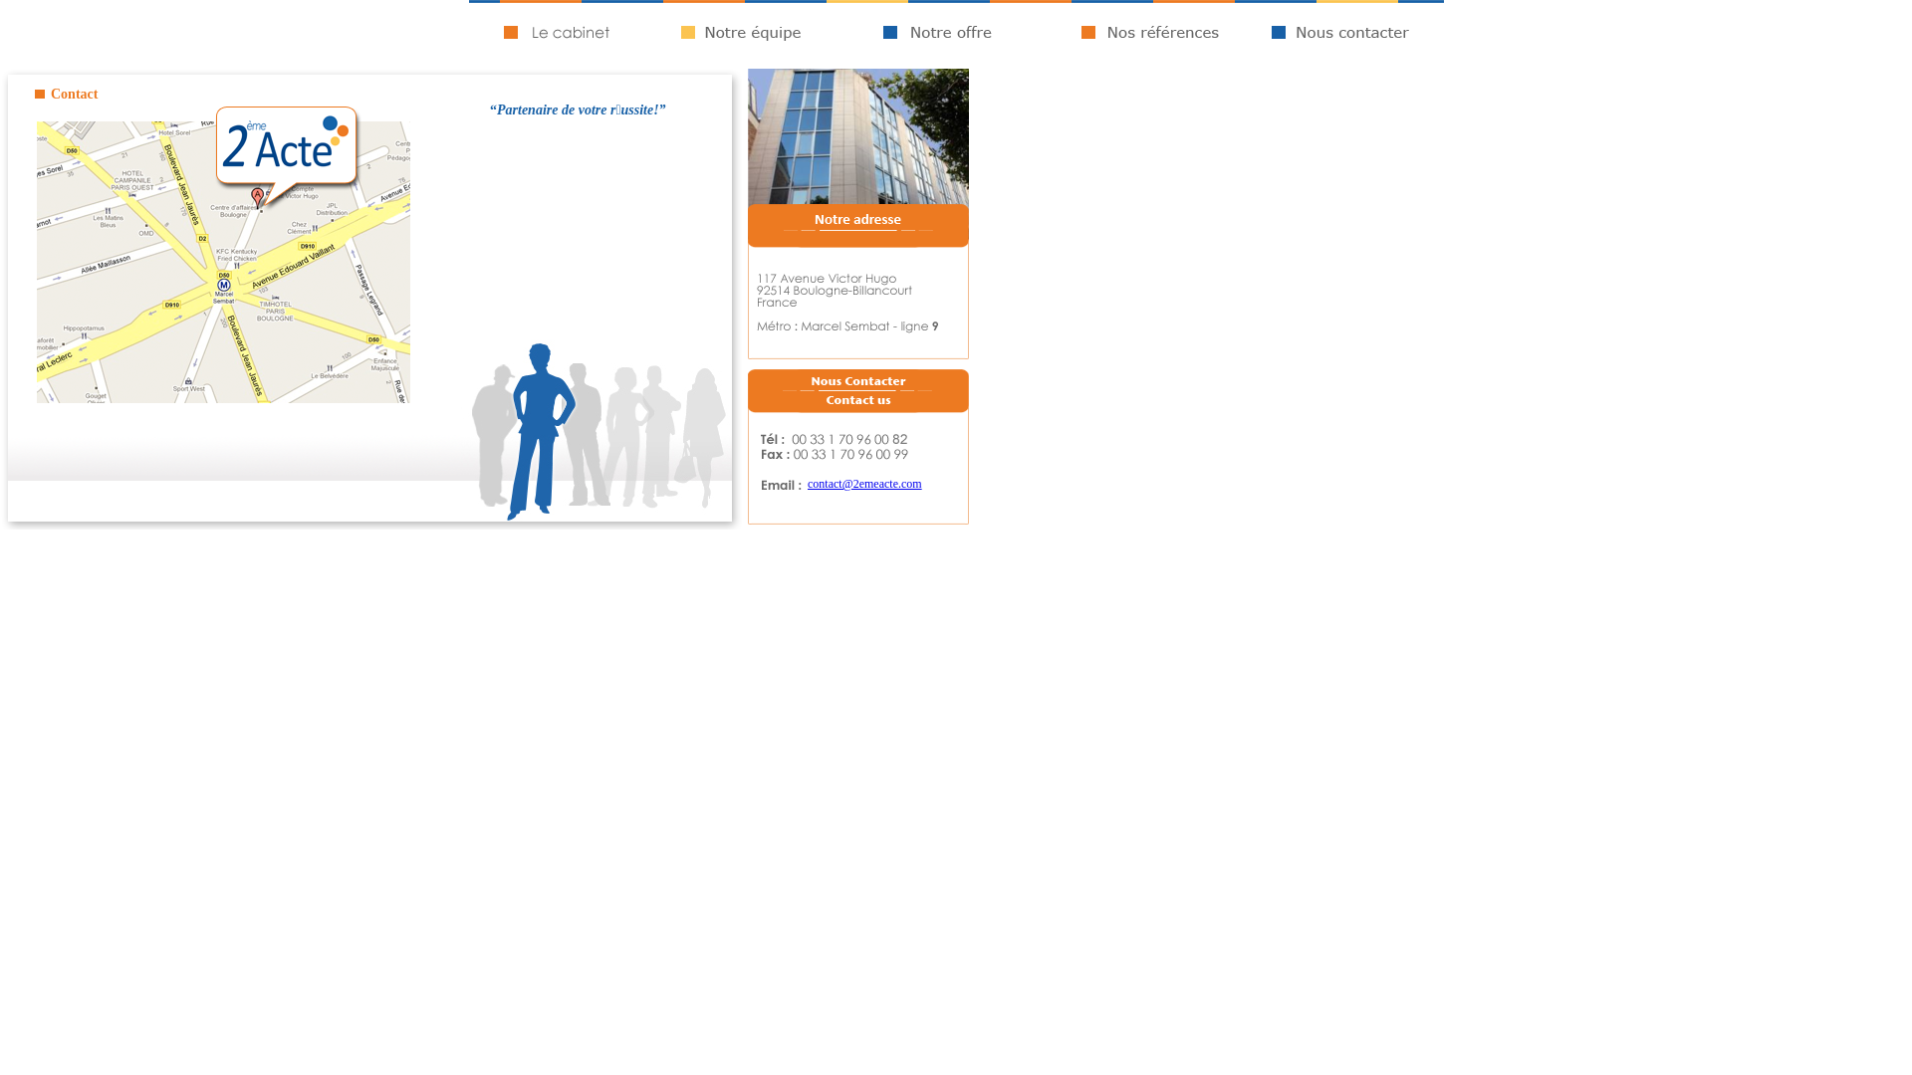 The image size is (1912, 1075). I want to click on 'contact@2emeacte.com', so click(864, 484).